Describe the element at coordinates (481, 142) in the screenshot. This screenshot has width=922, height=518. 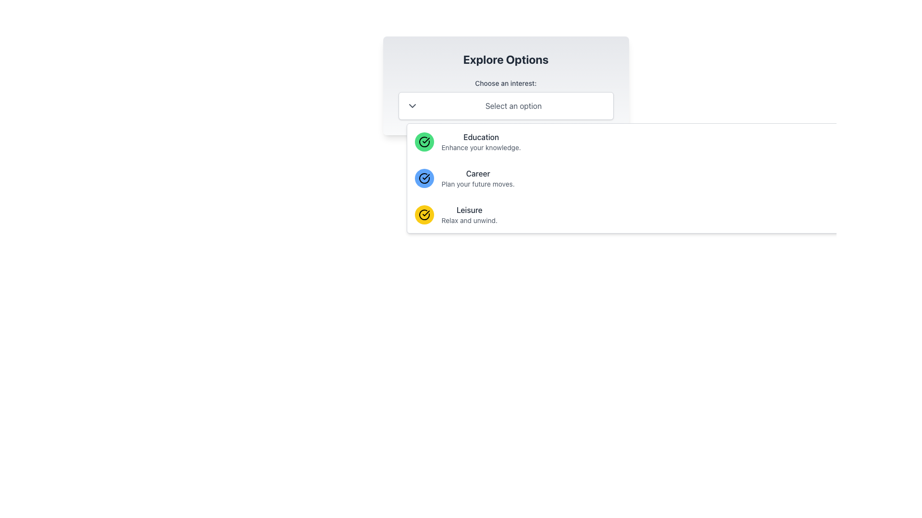
I see `the static text element labeled 'Education' which is the topmost option in a list, positioned centrally below the 'Choose an interest' dropdown` at that location.